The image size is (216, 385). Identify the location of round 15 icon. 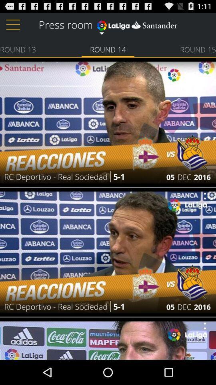
(198, 49).